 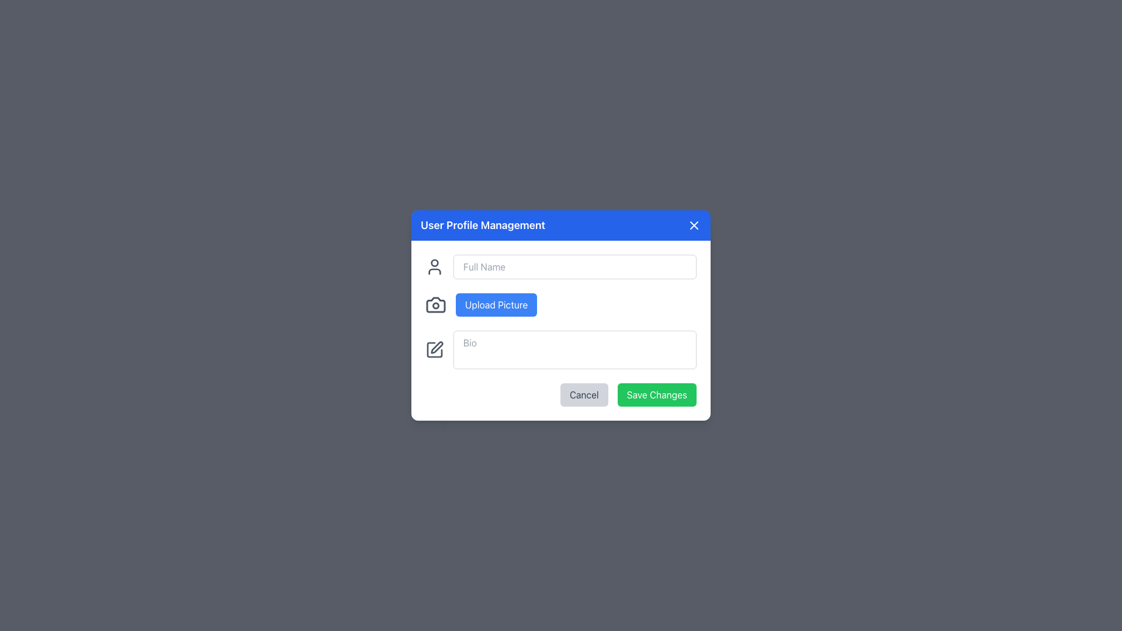 What do you see at coordinates (437, 346) in the screenshot?
I see `the pen icon, which is the second icon in the vertical list on the left side of the user profile management interface, located below the user icon and above the bio text box` at bounding box center [437, 346].